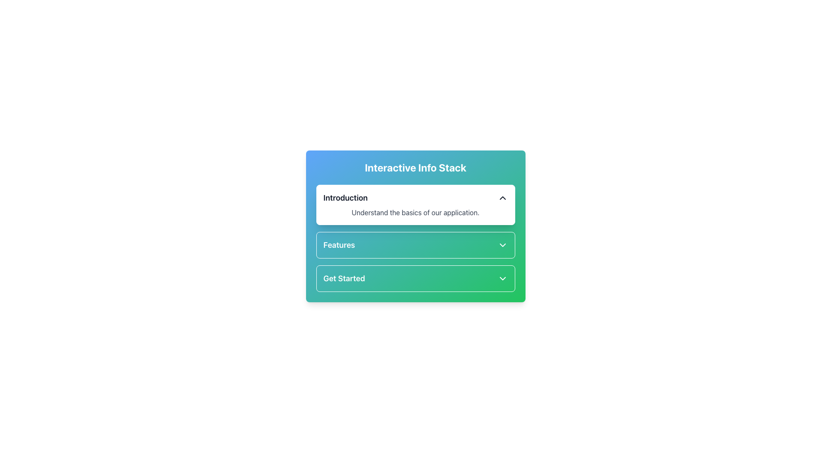 This screenshot has height=463, width=823. Describe the element at coordinates (502, 245) in the screenshot. I see `the downward-facing chevron icon located to the right of the 'Features' text label to trigger the hover state` at that location.